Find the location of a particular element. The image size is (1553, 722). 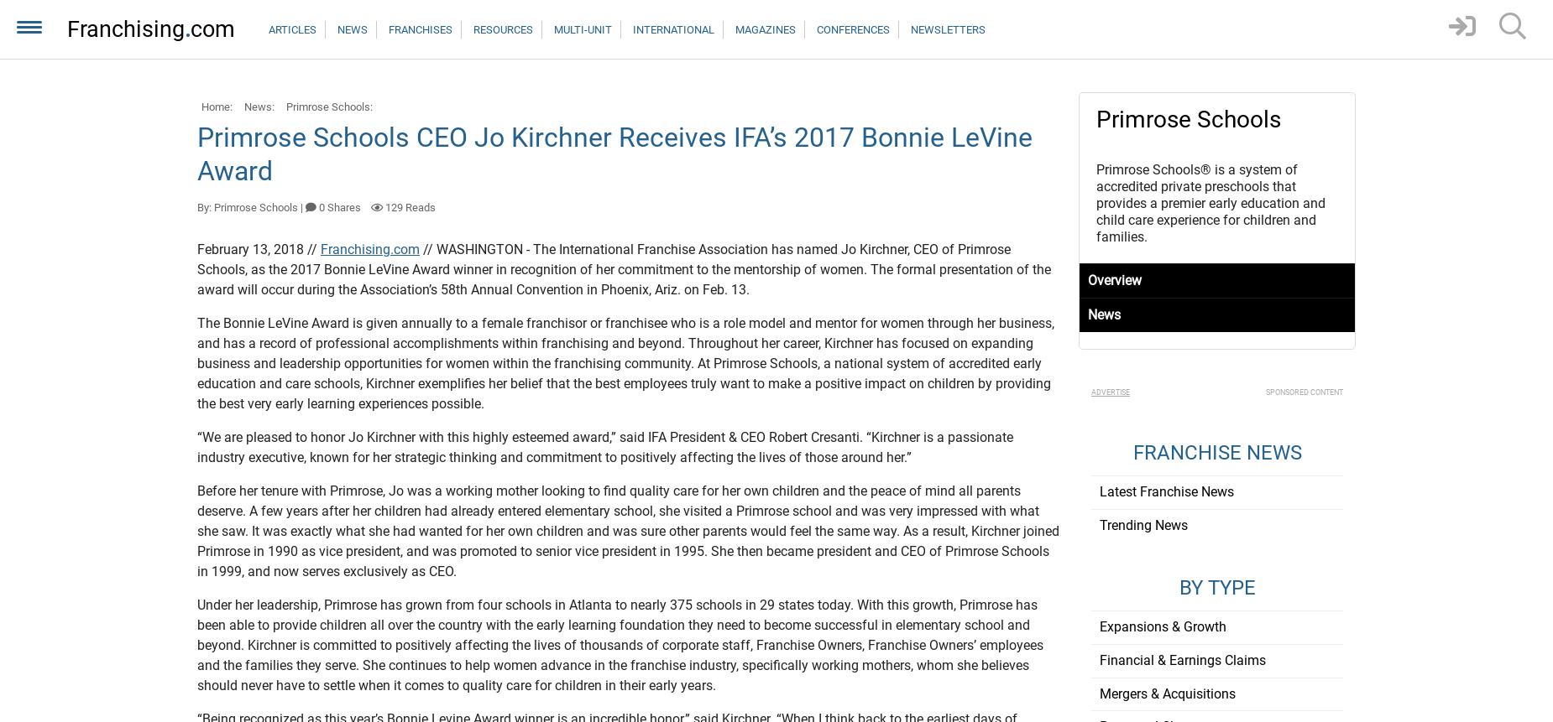

'Franchise News' is located at coordinates (1216, 453).